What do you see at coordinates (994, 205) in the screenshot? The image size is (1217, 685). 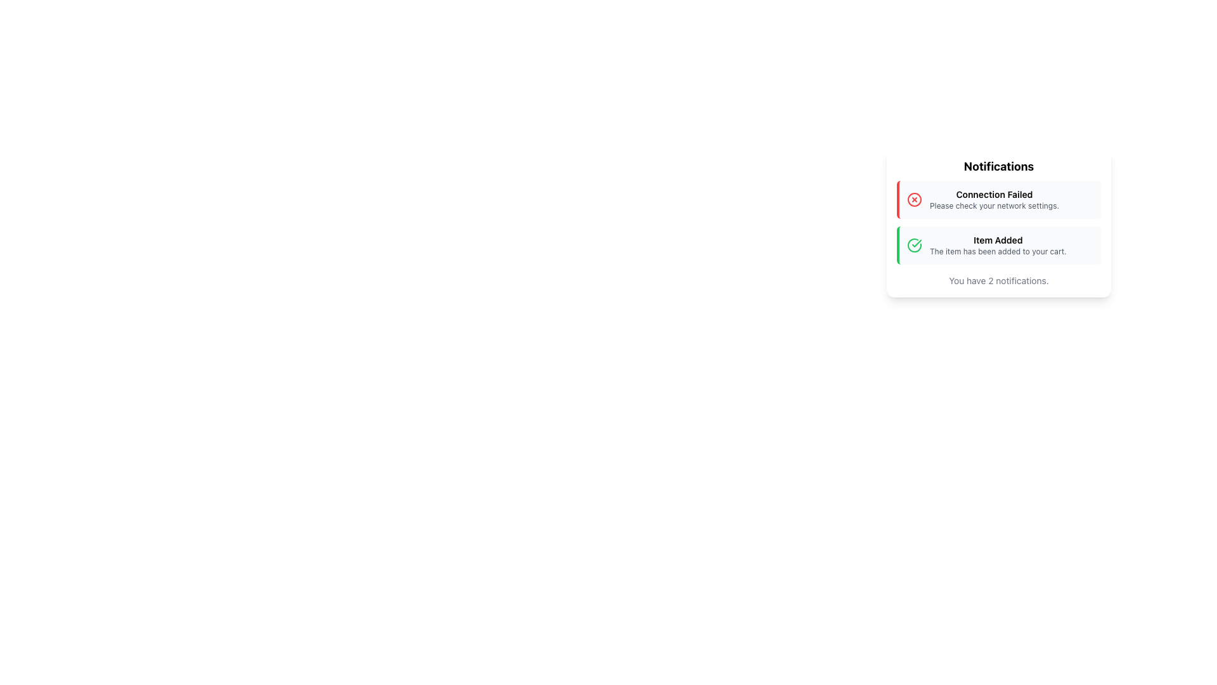 I see `the static text below the 'Connection Failed' message in the first notification card of the 'Notifications' section` at bounding box center [994, 205].